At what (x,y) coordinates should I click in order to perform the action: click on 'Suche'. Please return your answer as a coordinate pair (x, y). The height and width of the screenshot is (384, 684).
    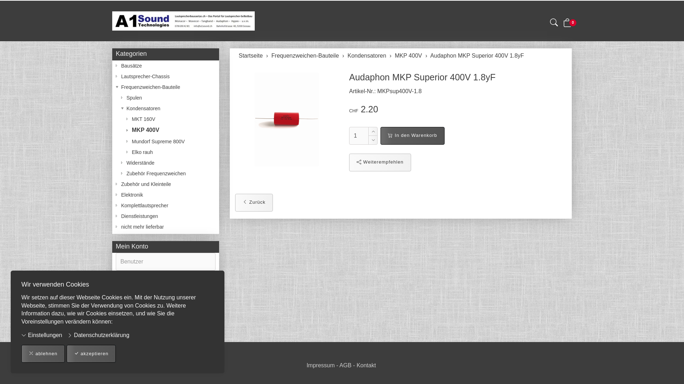
    Looking at the image, I should click on (554, 23).